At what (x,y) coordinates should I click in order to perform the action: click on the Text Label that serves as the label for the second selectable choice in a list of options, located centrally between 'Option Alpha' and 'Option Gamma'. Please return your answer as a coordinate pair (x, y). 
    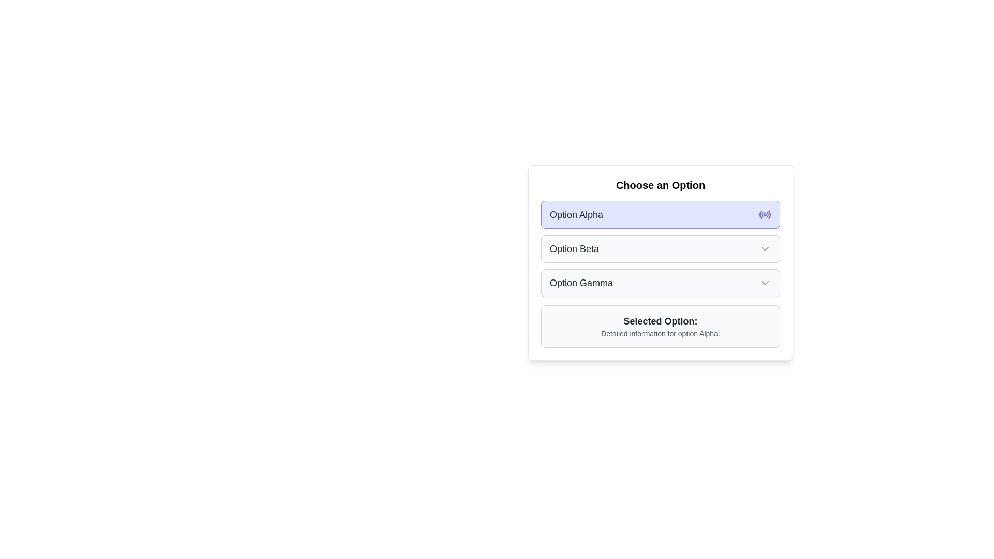
    Looking at the image, I should click on (574, 249).